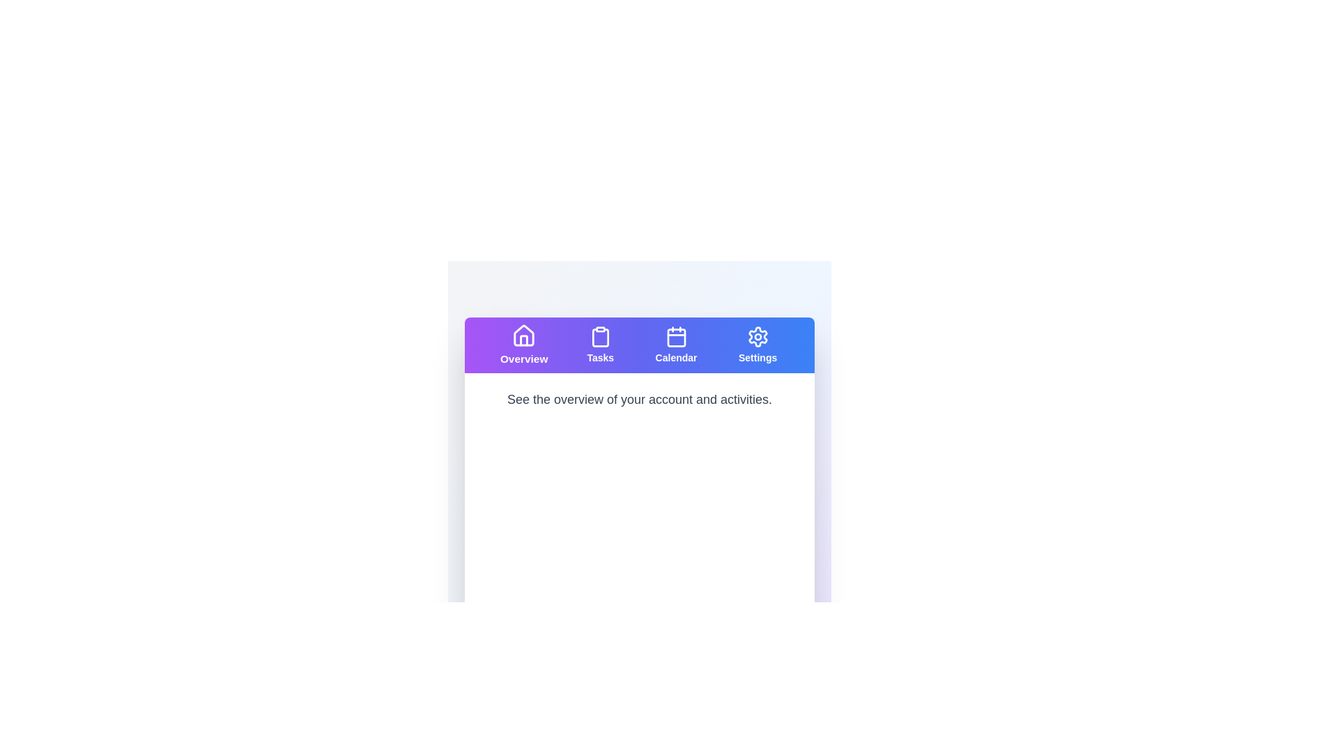  Describe the element at coordinates (523, 359) in the screenshot. I see `text label located under the house icon in the first button of the top horizontal navigation bar` at that location.